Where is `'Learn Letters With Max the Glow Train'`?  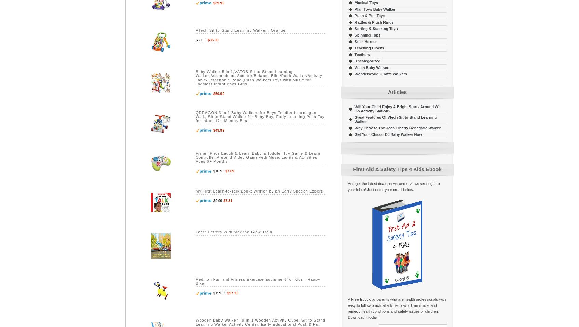
'Learn Letters With Max the Glow Train' is located at coordinates (196, 231).